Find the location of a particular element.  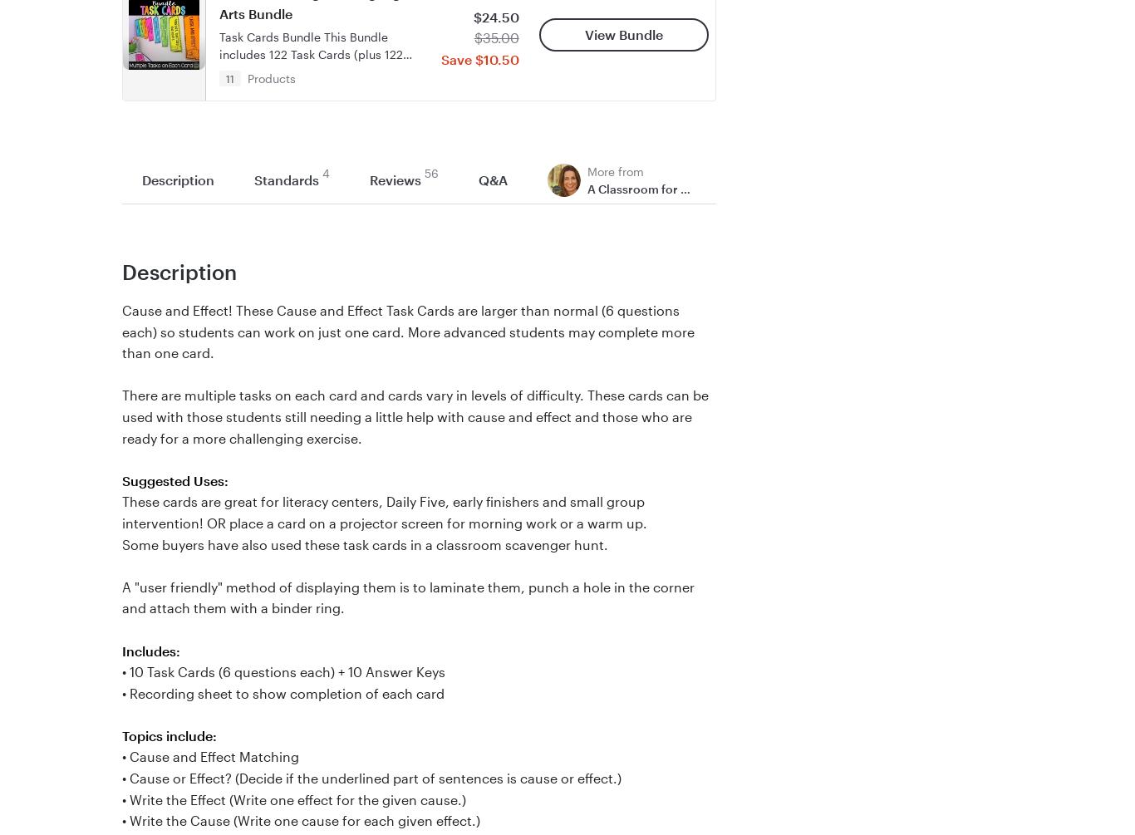

'$35.00' is located at coordinates (473, 37).